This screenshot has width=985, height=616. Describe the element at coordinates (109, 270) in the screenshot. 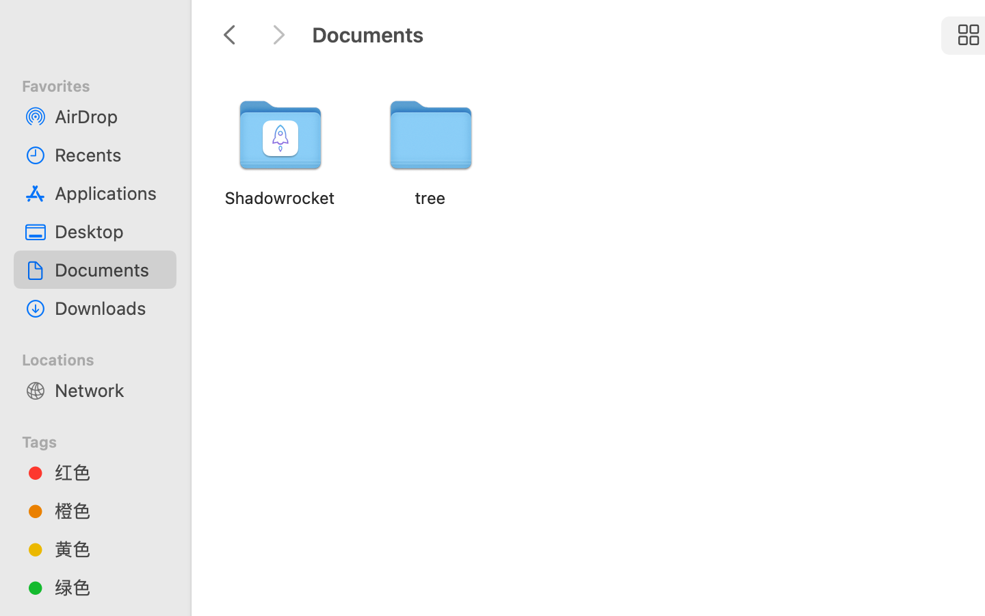

I see `'Documents'` at that location.